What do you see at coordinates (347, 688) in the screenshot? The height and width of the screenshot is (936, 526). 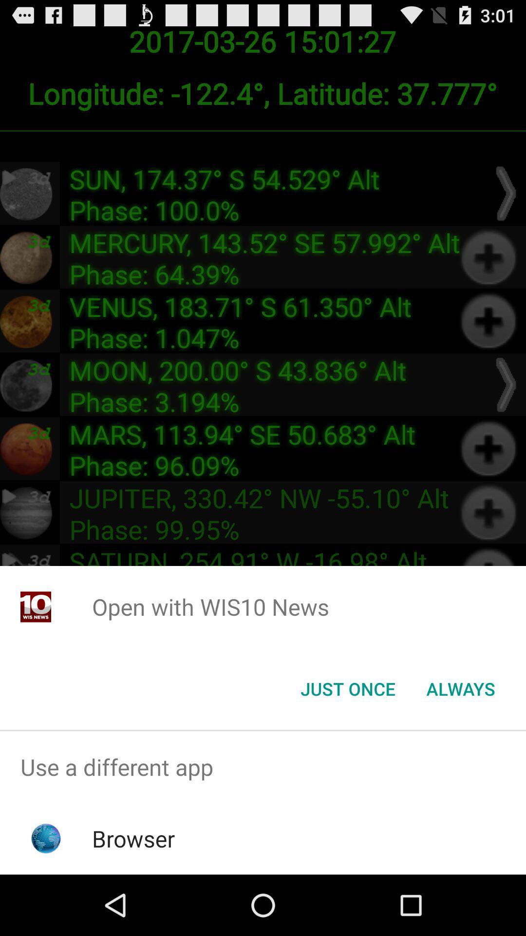 I see `the just once` at bounding box center [347, 688].